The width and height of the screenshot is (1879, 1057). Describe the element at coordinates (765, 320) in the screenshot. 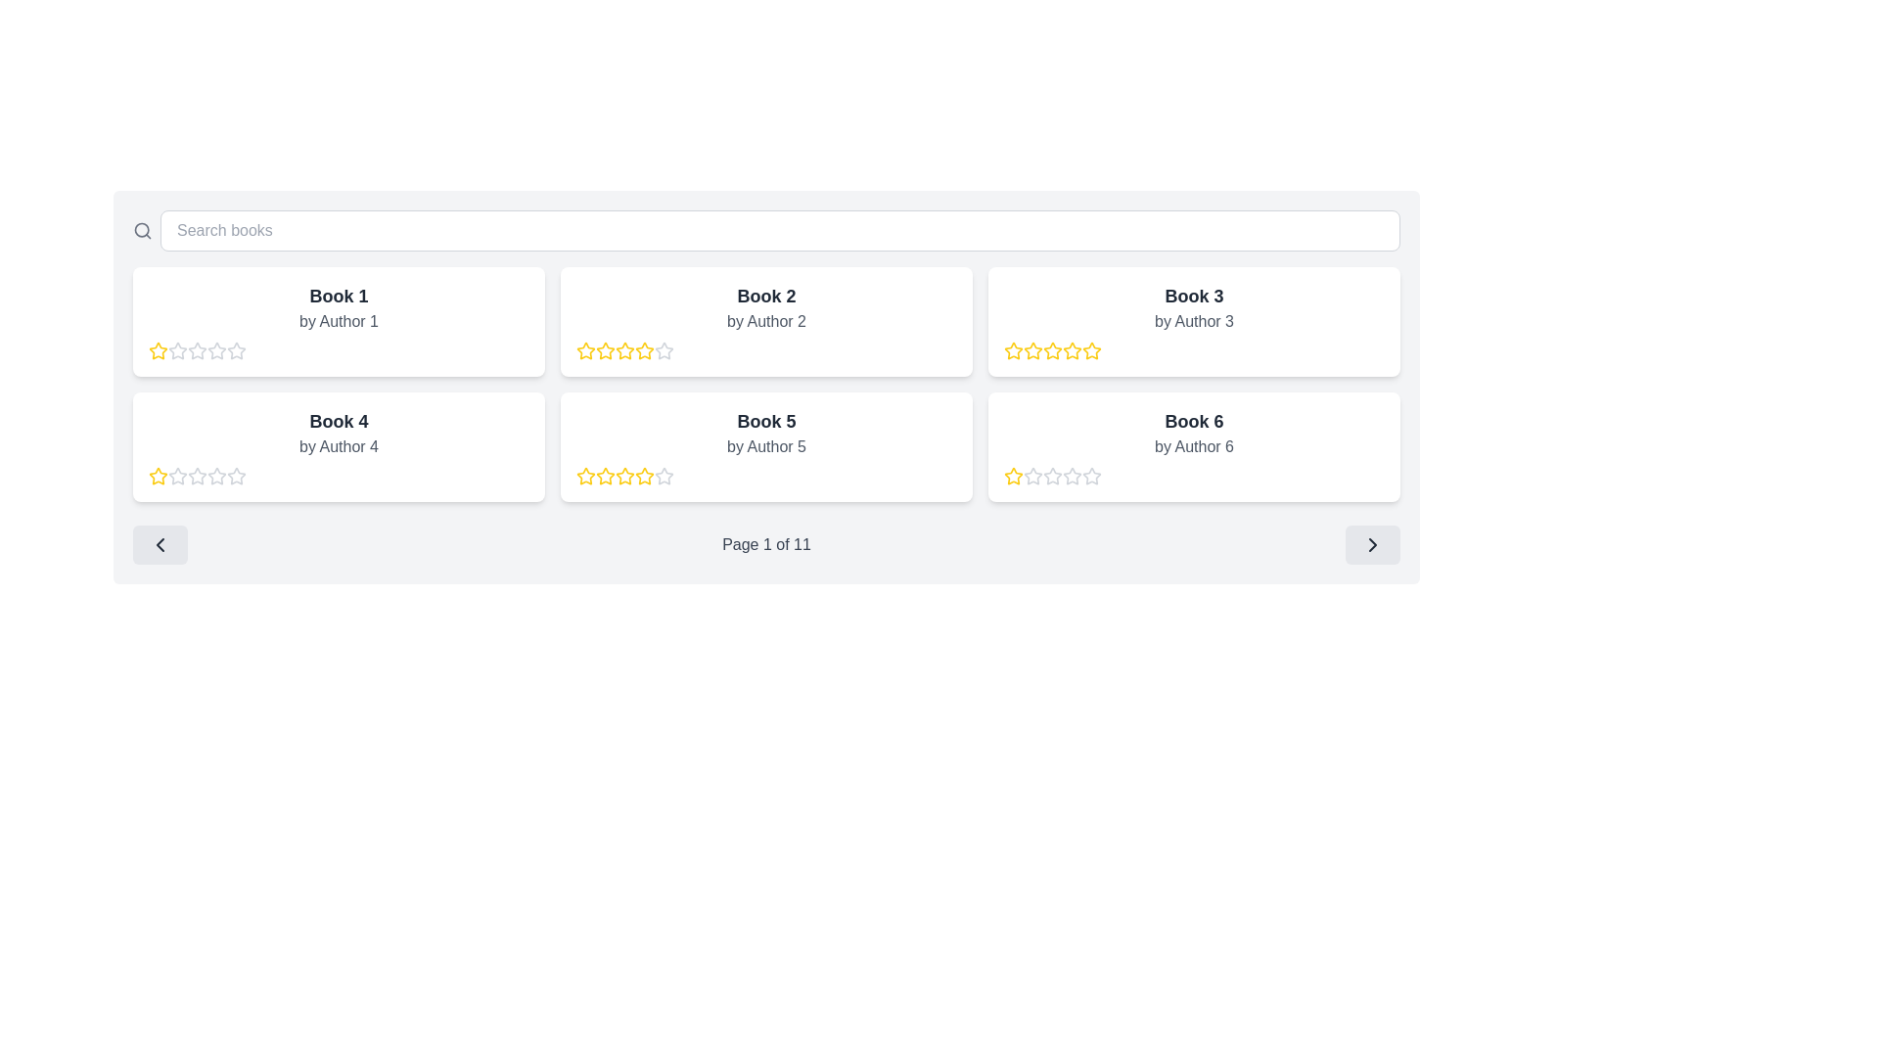

I see `the non-interactive text label displaying author information 'by Author 2' for the book titled 'Book 2', located beneath the title in the second column of the top row in a grid layout` at that location.